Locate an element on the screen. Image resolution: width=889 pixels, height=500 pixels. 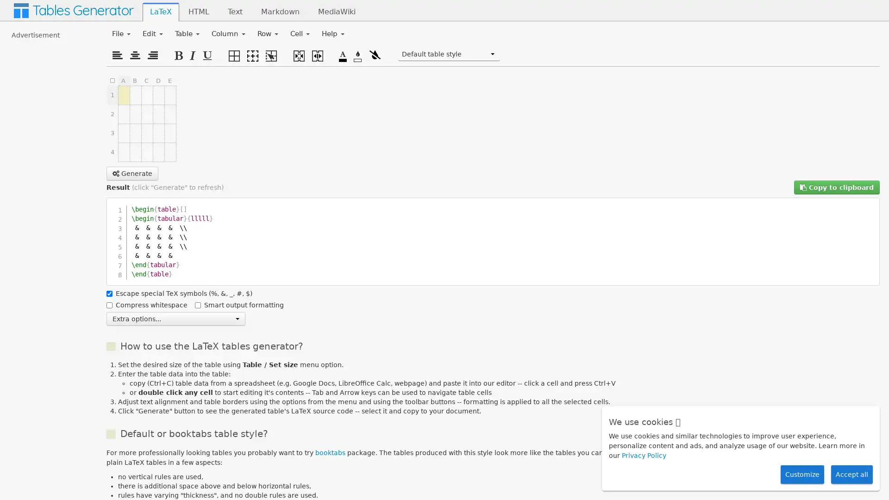
Extra options... is located at coordinates (175, 318).